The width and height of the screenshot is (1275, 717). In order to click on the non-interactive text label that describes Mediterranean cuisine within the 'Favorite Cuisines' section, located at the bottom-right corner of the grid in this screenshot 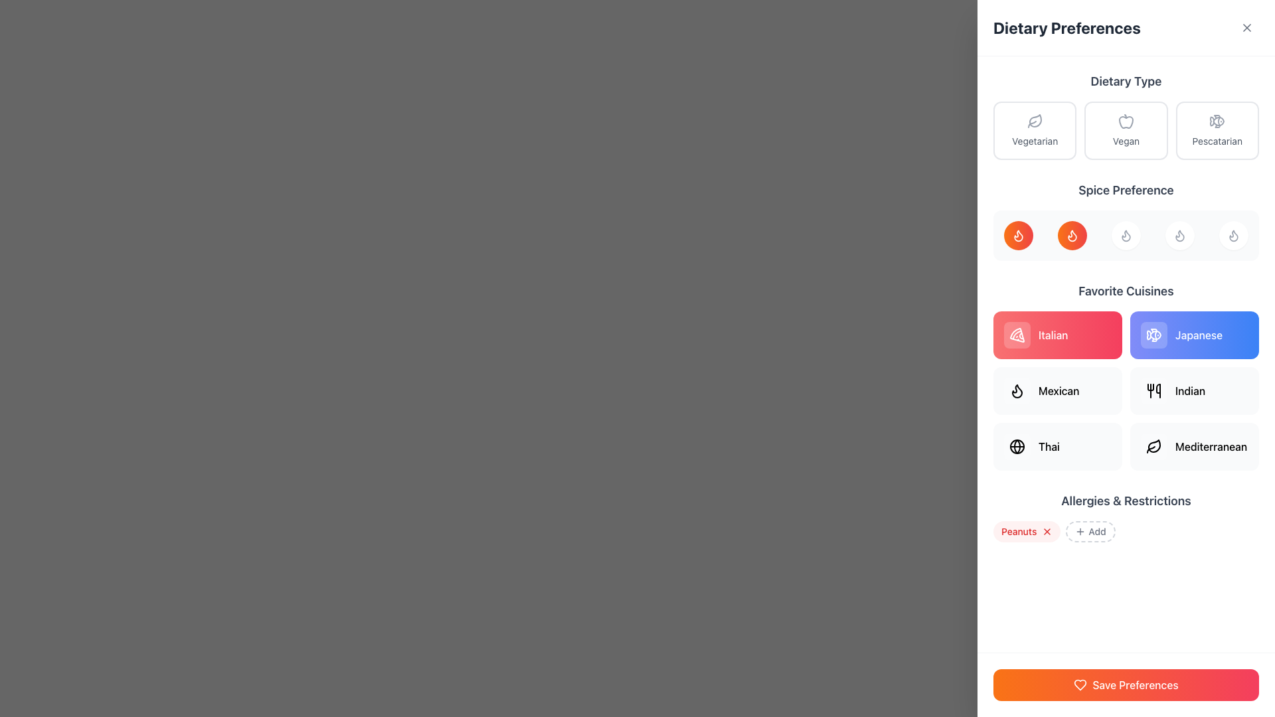, I will do `click(1211, 446)`.